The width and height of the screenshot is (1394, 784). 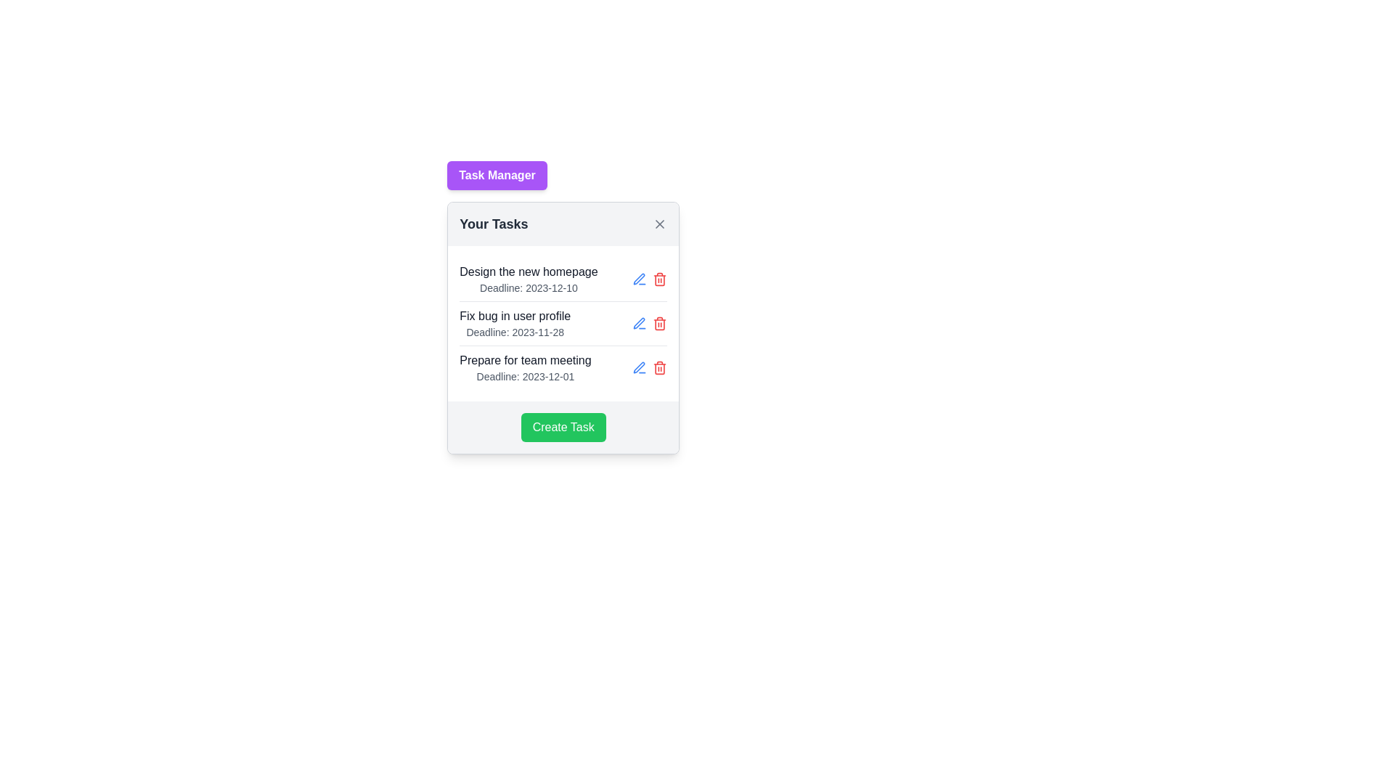 What do you see at coordinates (528, 279) in the screenshot?
I see `the topmost list item` at bounding box center [528, 279].